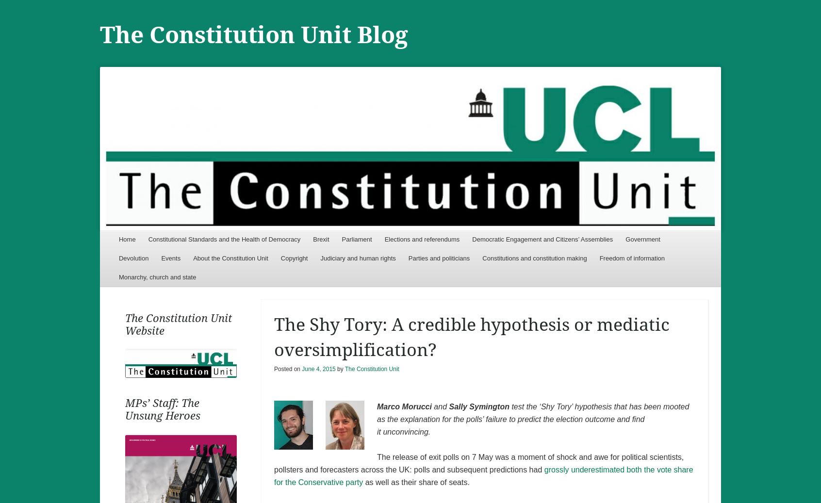 Image resolution: width=821 pixels, height=503 pixels. Describe the element at coordinates (532, 419) in the screenshot. I see `'test the ‘Shy Tory’ hypothesis that has been mooted as the explanation for the polls’ failure to predict the election outcome and find it unconvincing.'` at that location.